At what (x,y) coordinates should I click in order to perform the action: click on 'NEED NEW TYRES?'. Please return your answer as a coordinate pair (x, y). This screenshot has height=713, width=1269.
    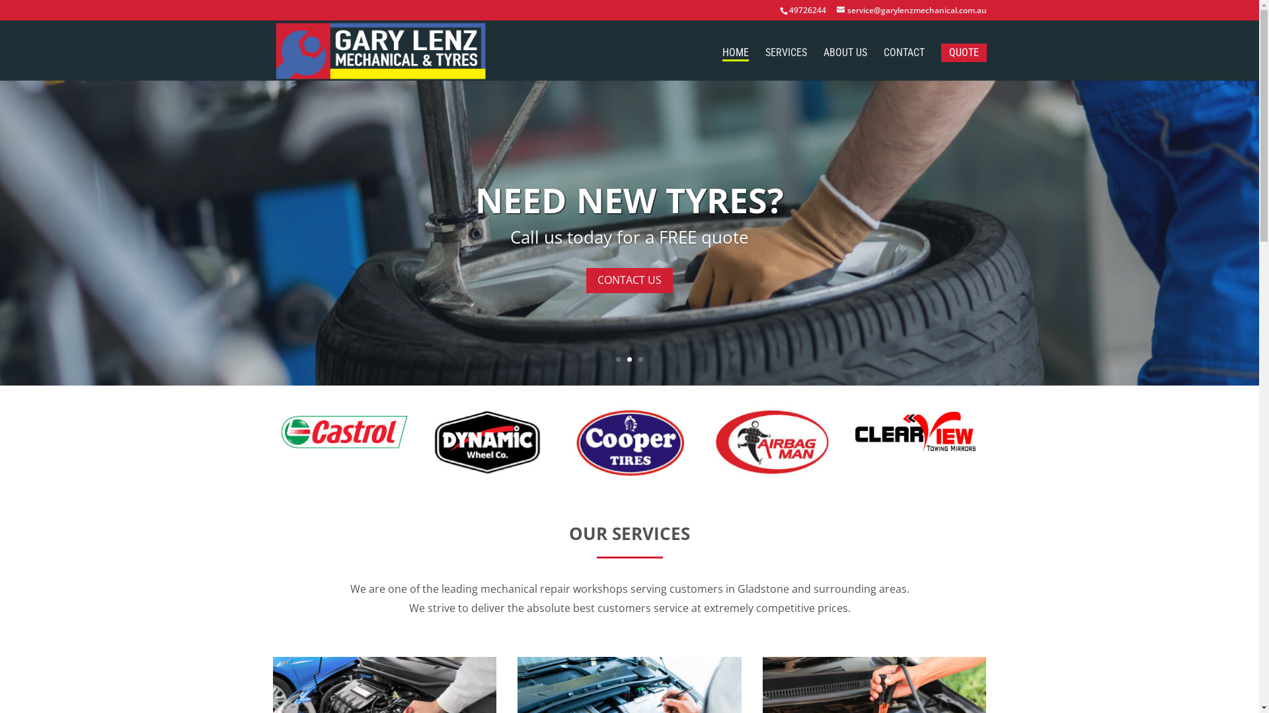
    Looking at the image, I should click on (629, 199).